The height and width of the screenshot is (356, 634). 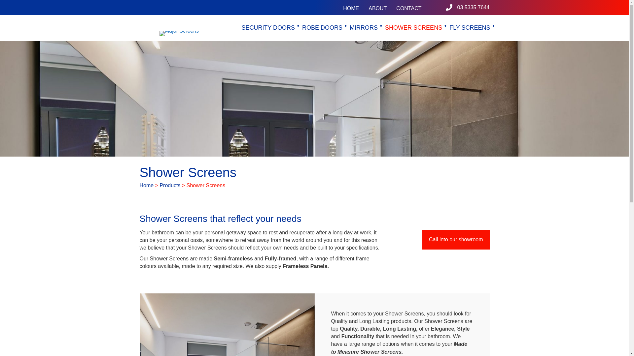 What do you see at coordinates (456, 239) in the screenshot?
I see `'Call into our showroom'` at bounding box center [456, 239].